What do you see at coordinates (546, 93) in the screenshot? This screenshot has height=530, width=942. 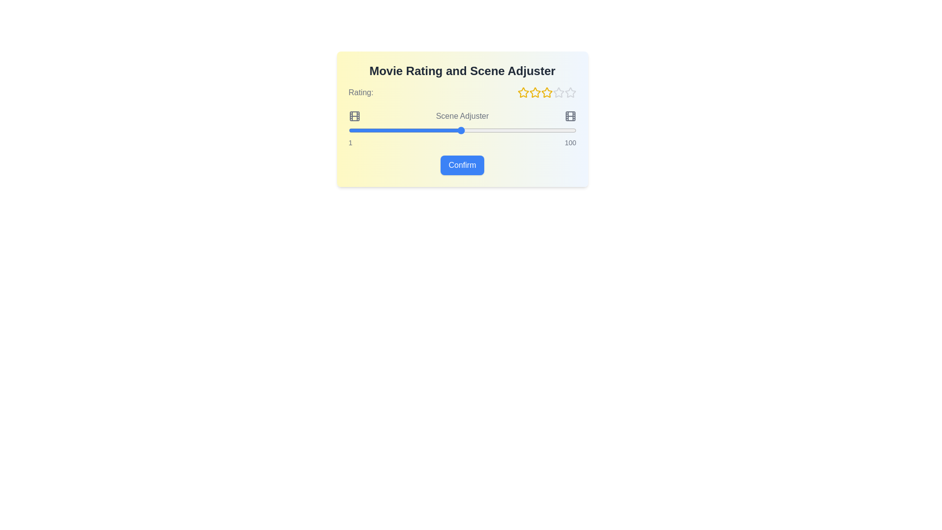 I see `the star corresponding to the desired rating of 3 stars` at bounding box center [546, 93].